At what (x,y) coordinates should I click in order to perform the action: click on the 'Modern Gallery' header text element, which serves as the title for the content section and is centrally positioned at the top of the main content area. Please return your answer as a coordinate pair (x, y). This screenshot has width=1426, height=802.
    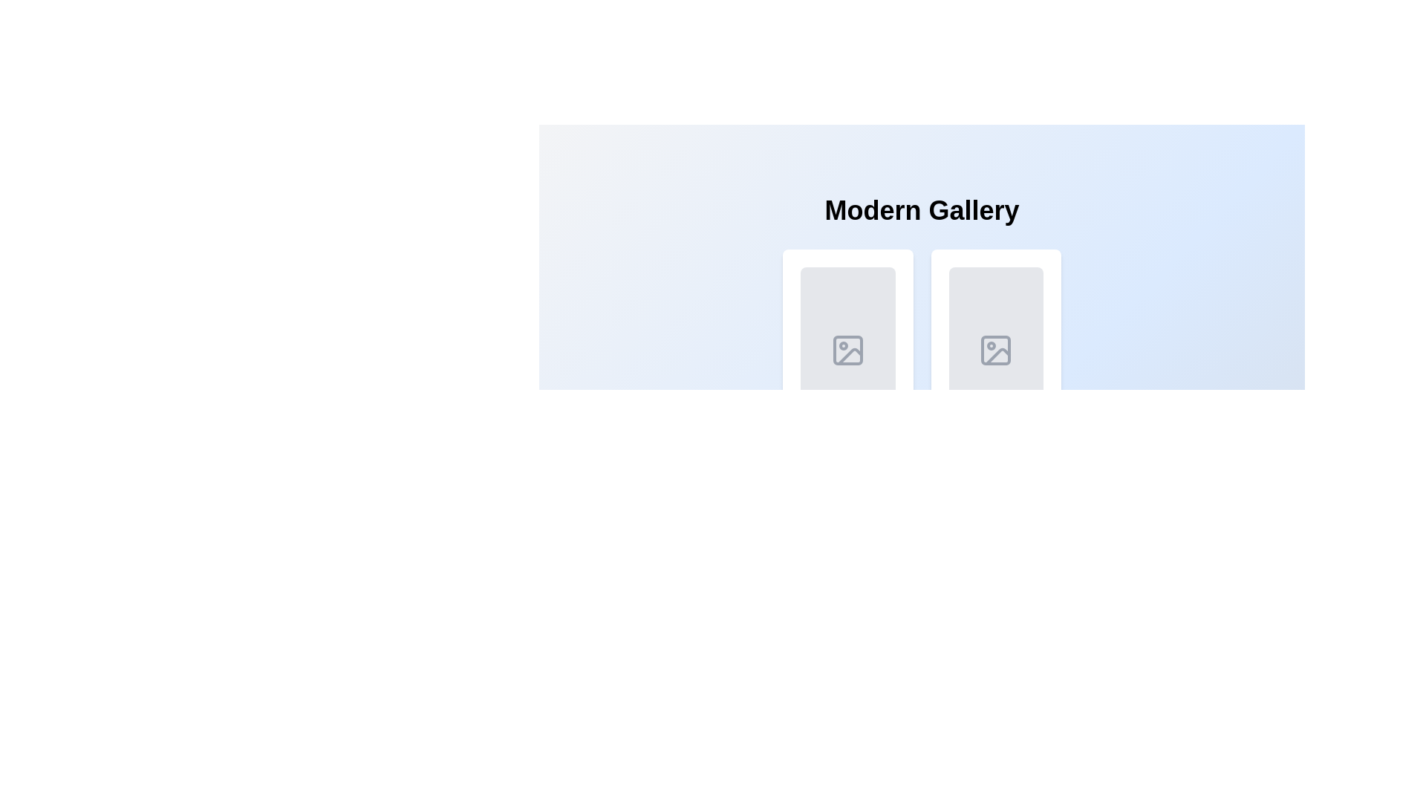
    Looking at the image, I should click on (921, 211).